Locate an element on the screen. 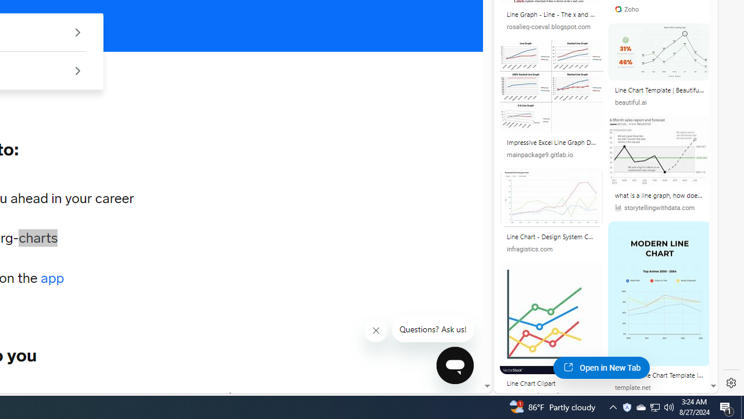  'Line Graph - Line - The x and y axis are used to.' is located at coordinates (551, 16).